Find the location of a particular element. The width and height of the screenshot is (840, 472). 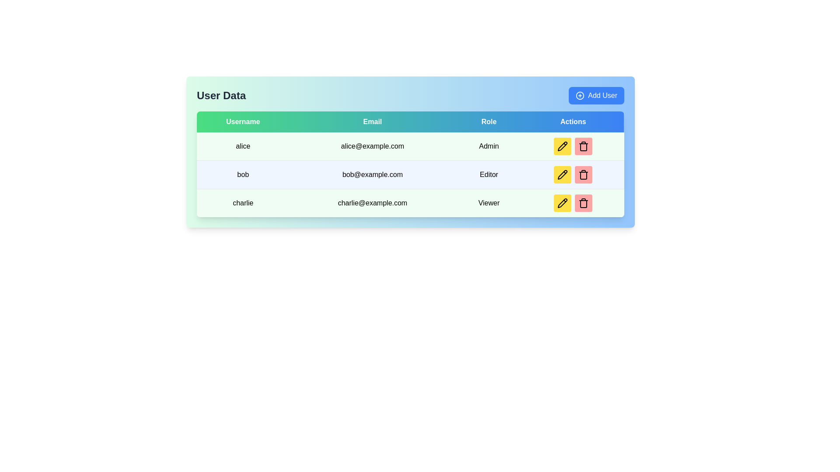

the first row in the User Data table that displays the username 'alice', email 'alice@example.com', and role 'Admin' for additional visuals or actions is located at coordinates (410, 146).